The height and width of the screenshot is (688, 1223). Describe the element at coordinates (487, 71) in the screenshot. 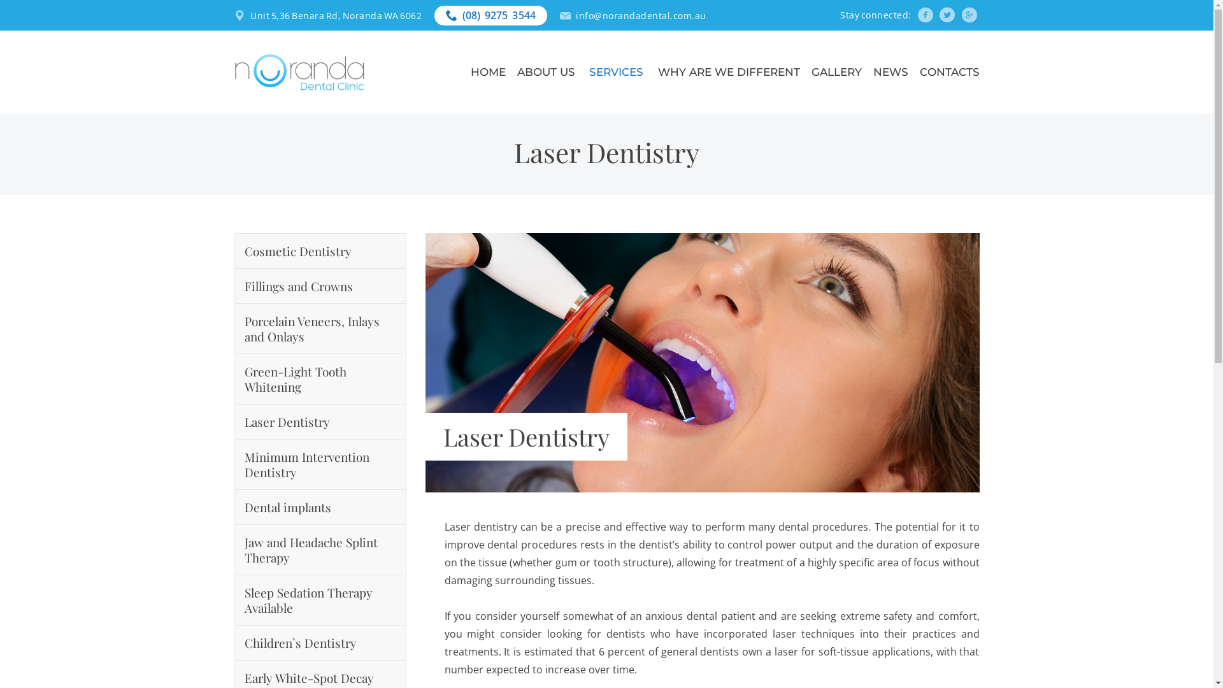

I see `'HOME'` at that location.